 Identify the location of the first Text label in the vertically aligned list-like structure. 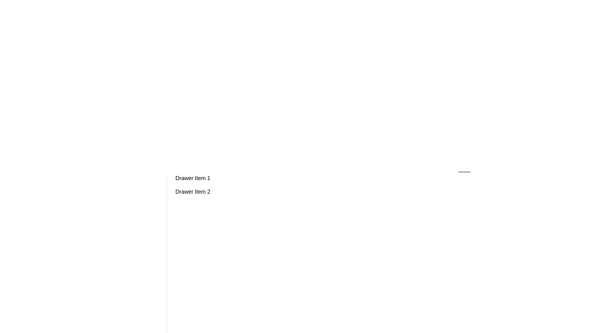
(192, 178).